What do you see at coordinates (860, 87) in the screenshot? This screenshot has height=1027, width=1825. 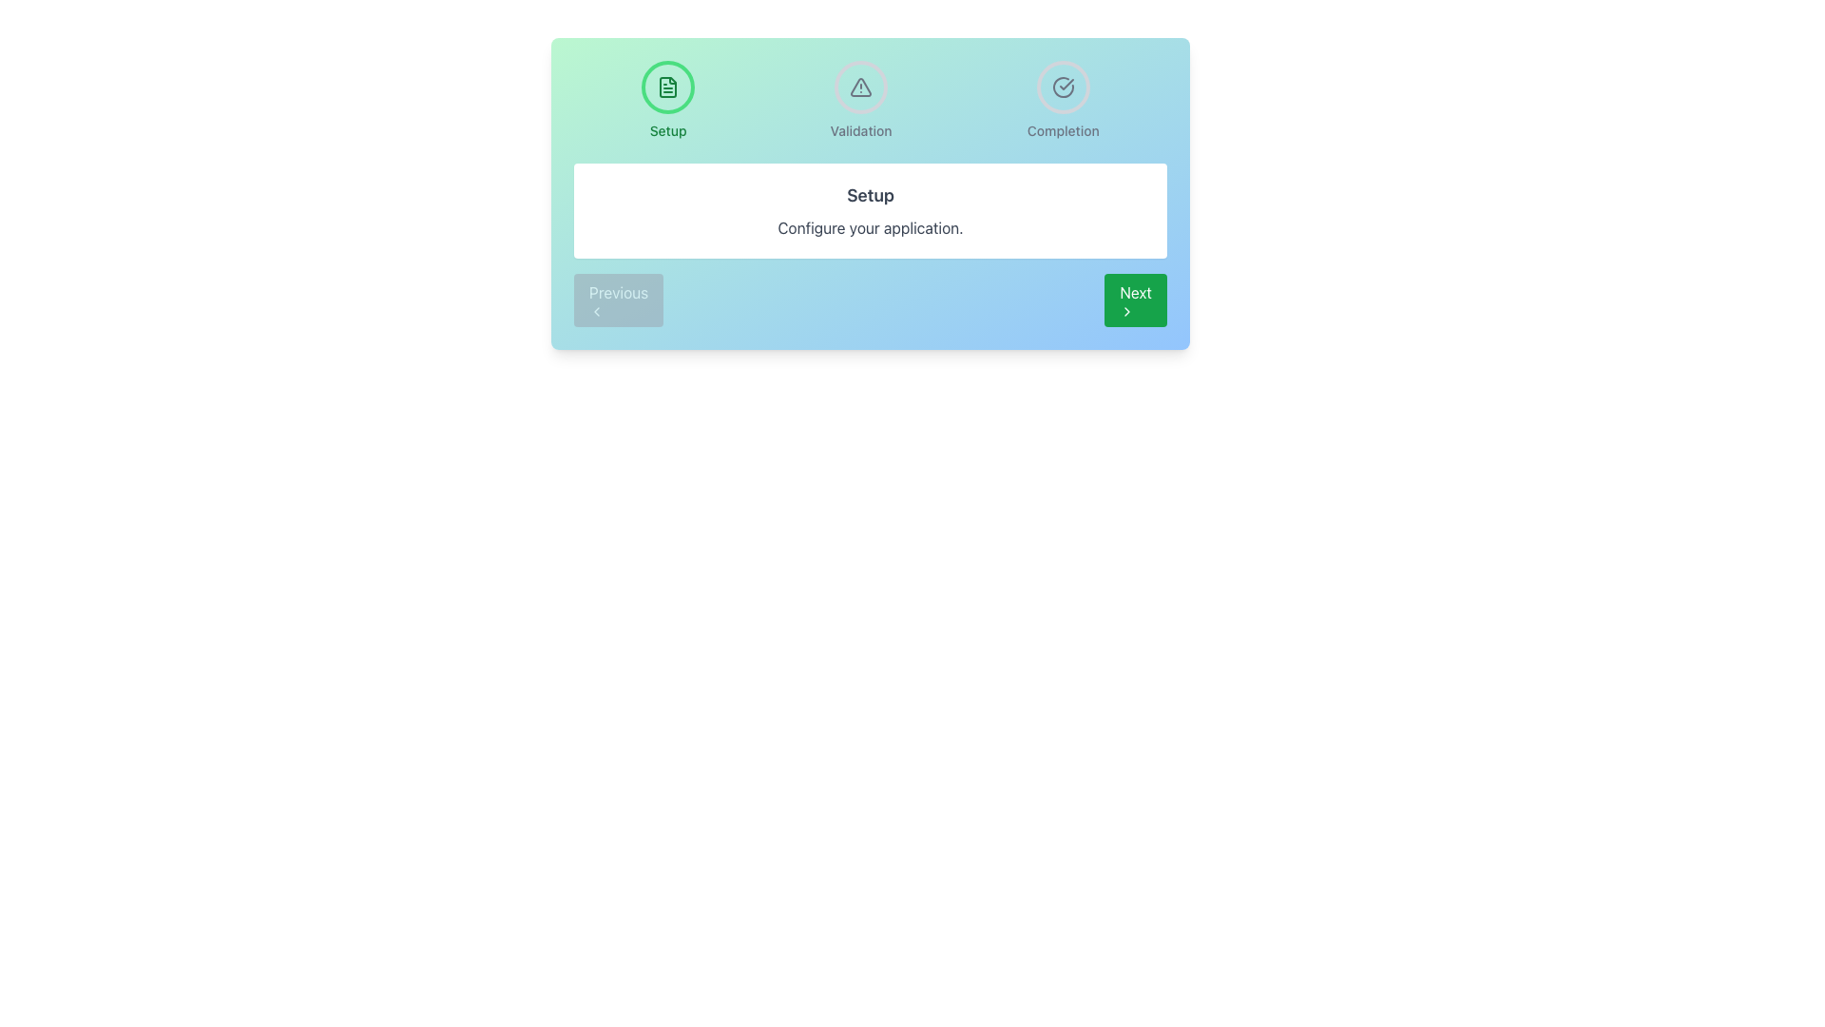 I see `the 'Validation' step indicator icon with a rounded border that visually represents a warning or alert status` at bounding box center [860, 87].